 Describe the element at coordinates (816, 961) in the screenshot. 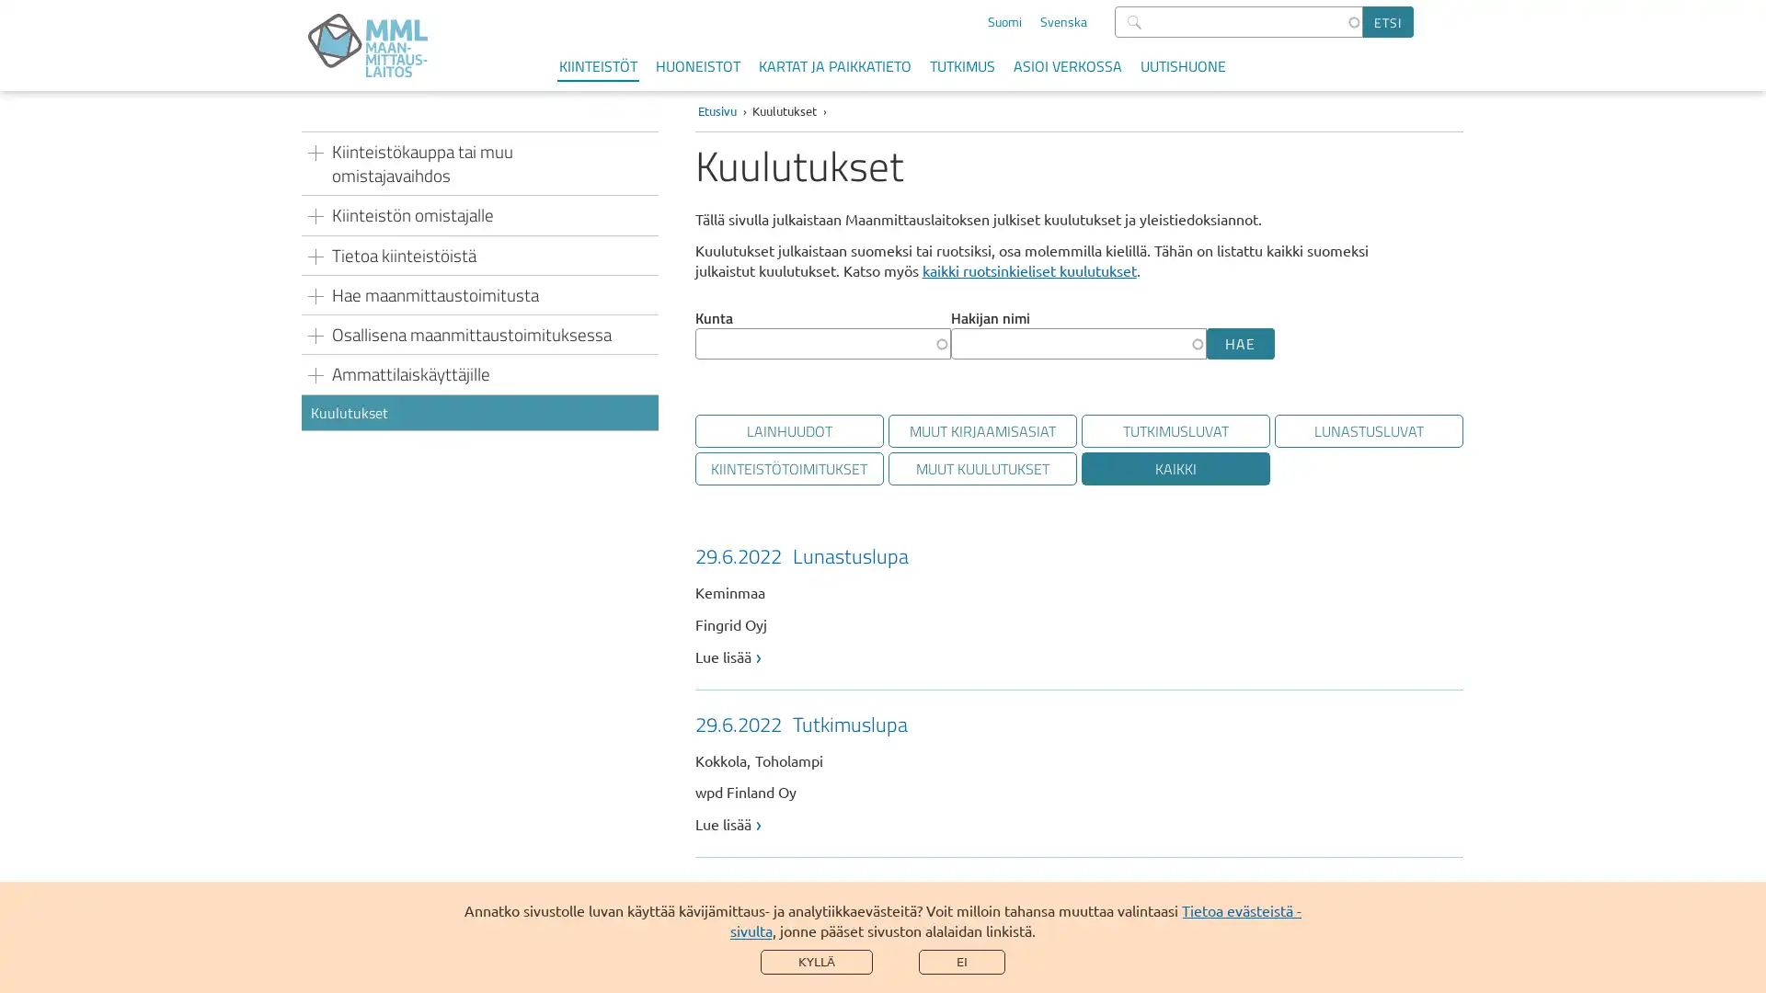

I see `KYLLA` at that location.